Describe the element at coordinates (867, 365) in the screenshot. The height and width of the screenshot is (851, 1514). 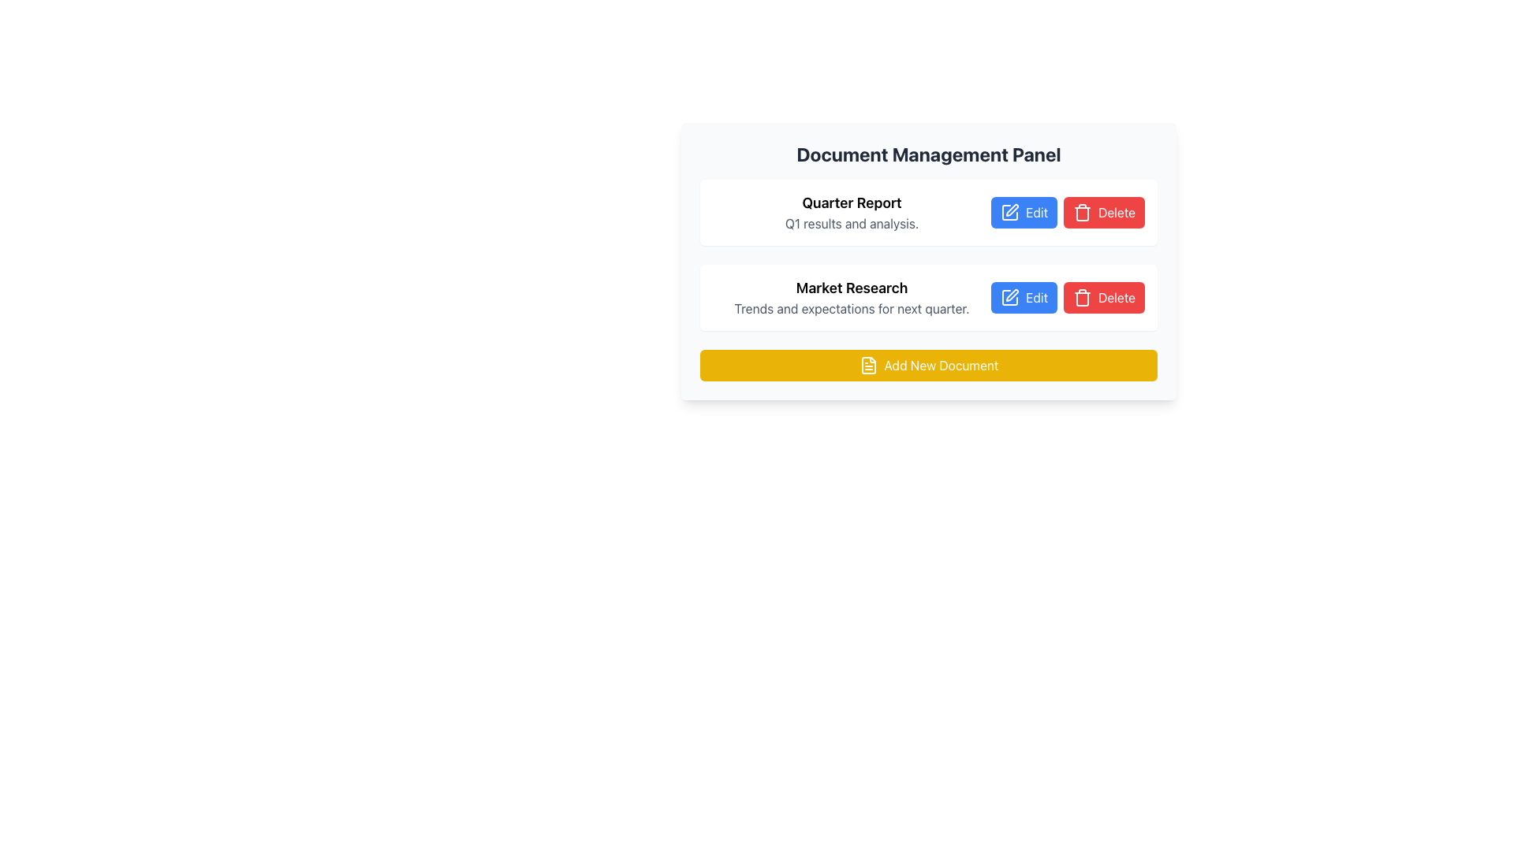
I see `the small document icon, which is a decorative SVG graphic located to the left of the text 'Add New Document' within the yellow button` at that location.